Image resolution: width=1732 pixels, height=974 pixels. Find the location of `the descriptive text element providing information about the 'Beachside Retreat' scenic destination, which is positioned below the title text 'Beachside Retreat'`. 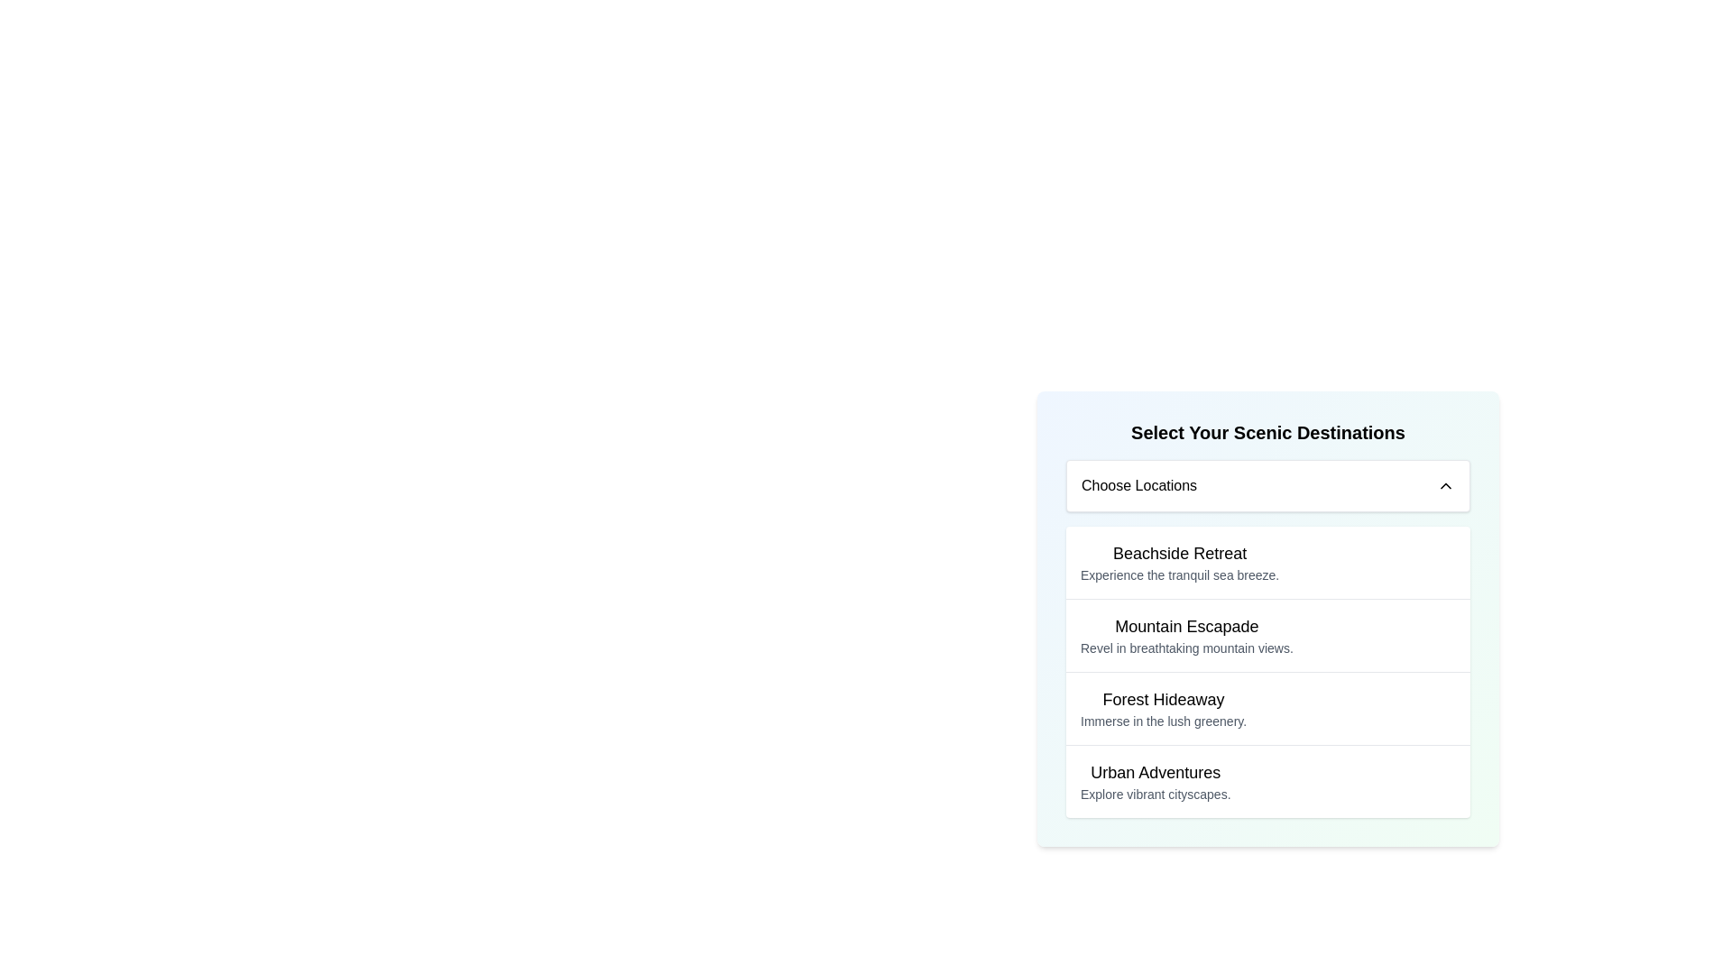

the descriptive text element providing information about the 'Beachside Retreat' scenic destination, which is positioned below the title text 'Beachside Retreat' is located at coordinates (1180, 574).